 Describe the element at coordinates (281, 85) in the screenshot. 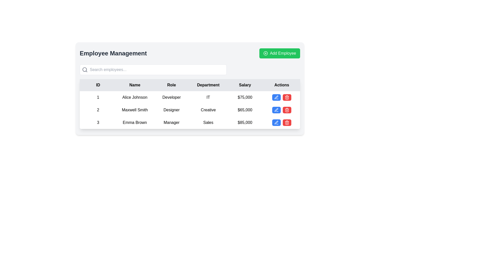

I see `the Text Label that serves as the sixth column header in the table, located to the far-right of the header row, adjacent to the 'Salary' column` at that location.